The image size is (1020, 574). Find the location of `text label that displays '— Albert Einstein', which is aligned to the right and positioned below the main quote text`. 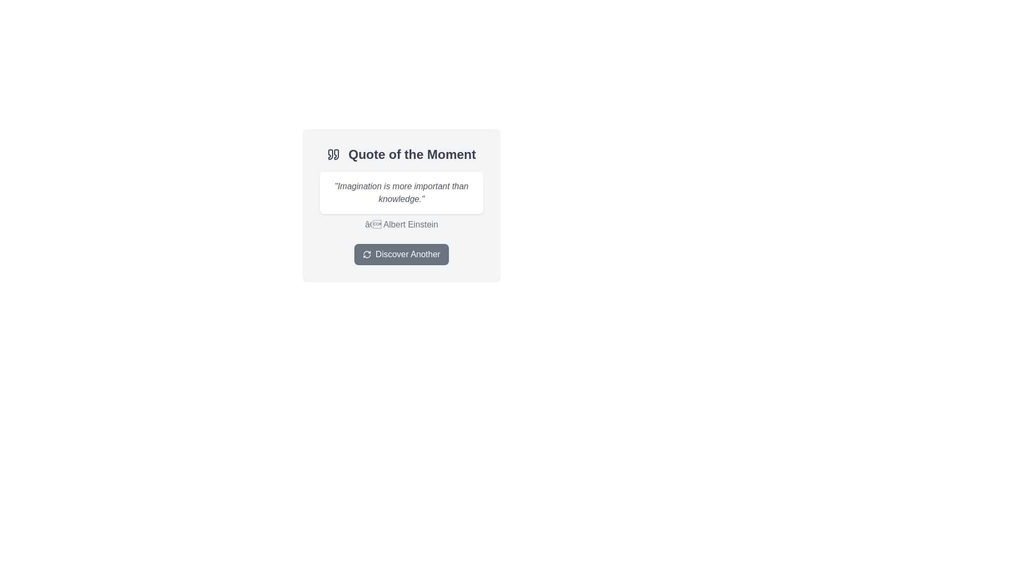

text label that displays '— Albert Einstein', which is aligned to the right and positioned below the main quote text is located at coordinates (401, 224).